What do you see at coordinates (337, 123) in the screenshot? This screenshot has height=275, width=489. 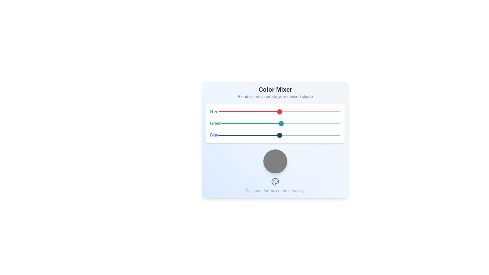 I see `the green value` at bounding box center [337, 123].